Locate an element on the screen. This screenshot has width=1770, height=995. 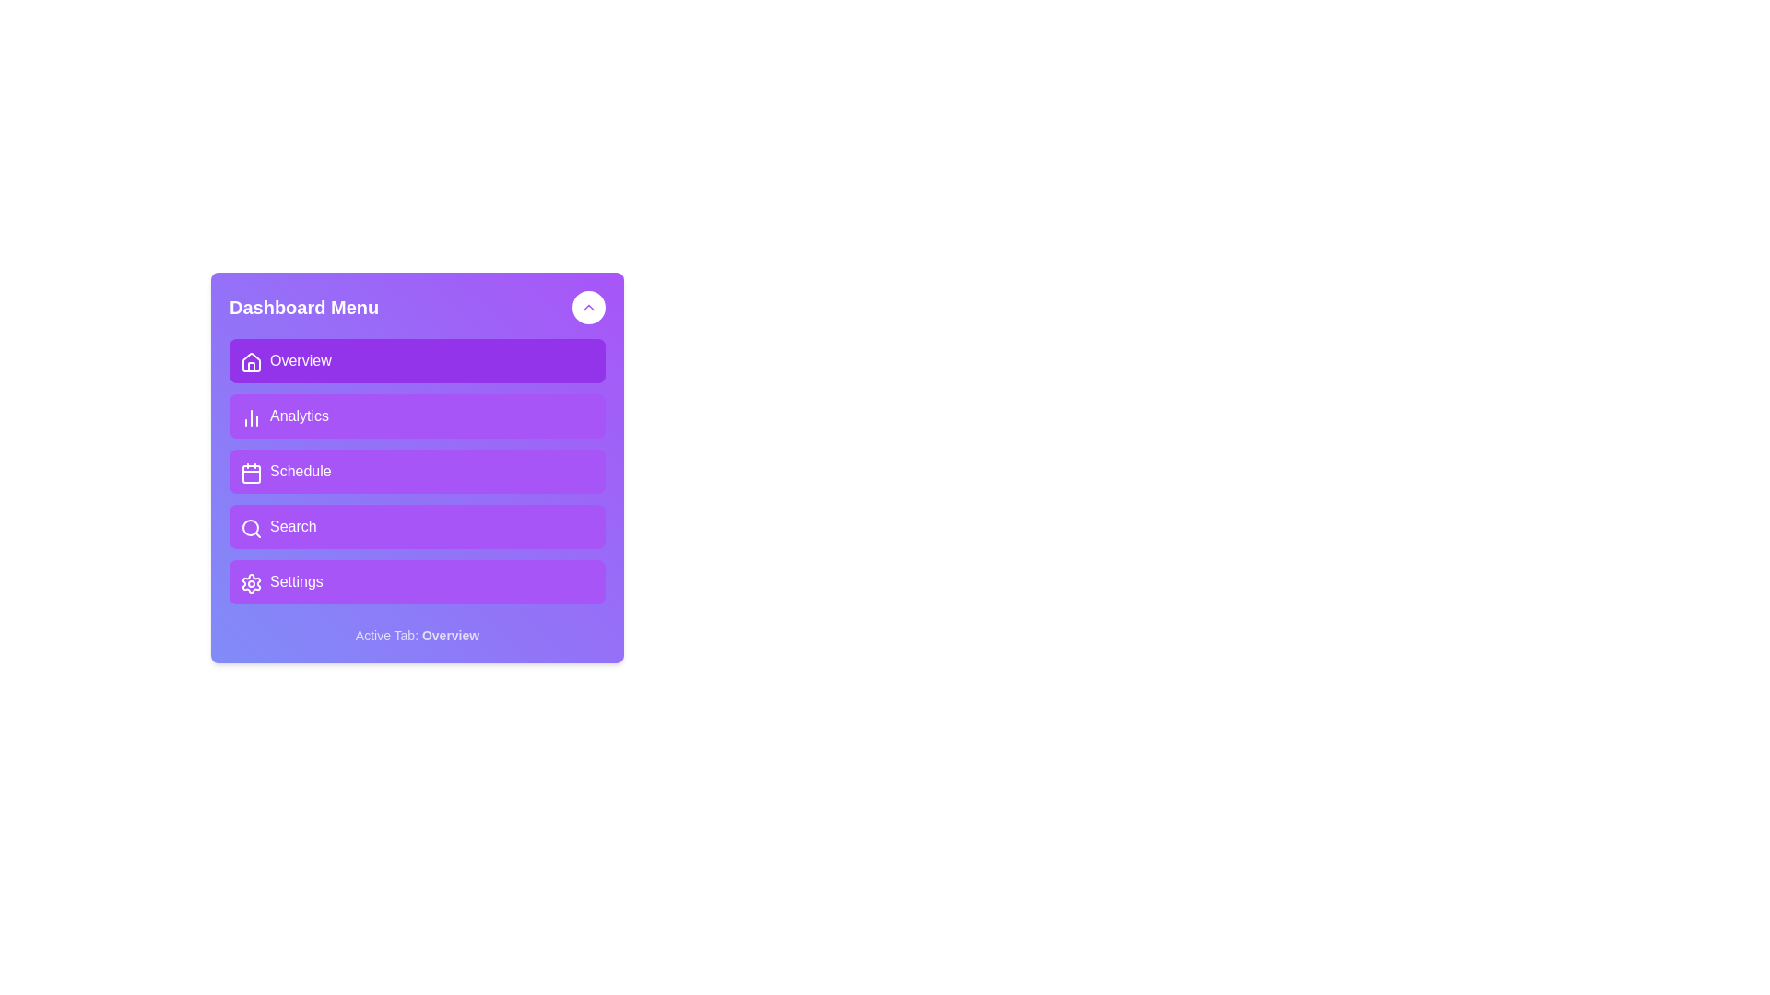
the circular button with a purple upward arrow icon at the center, located in the top-right corner of the 'Dashboard Menu' header bar is located at coordinates (587, 307).